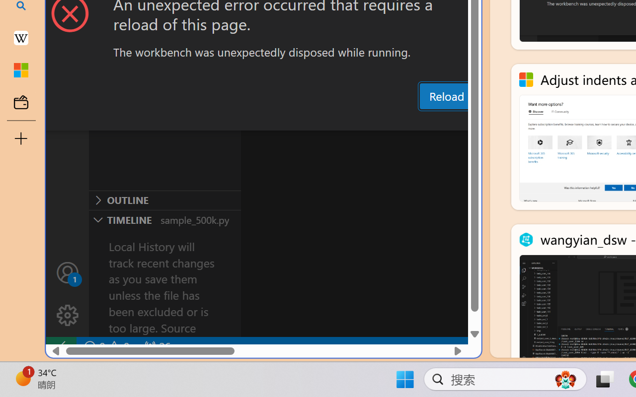 The width and height of the screenshot is (636, 397). What do you see at coordinates (164, 219) in the screenshot?
I see `'Timeline Section'` at bounding box center [164, 219].